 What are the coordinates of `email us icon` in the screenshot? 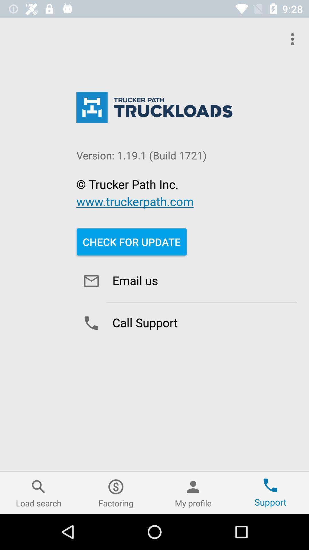 It's located at (187, 281).